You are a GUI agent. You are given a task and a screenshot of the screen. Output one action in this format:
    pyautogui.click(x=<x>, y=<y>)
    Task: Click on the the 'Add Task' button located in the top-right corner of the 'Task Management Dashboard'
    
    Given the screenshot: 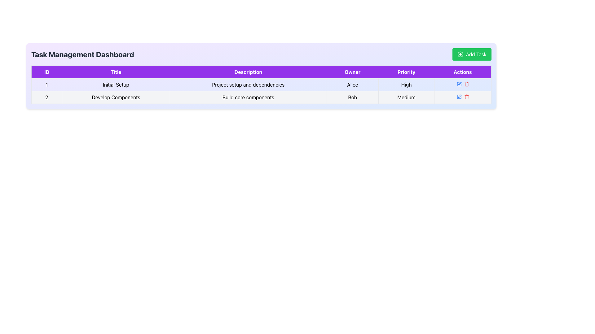 What is the action you would take?
    pyautogui.click(x=471, y=54)
    